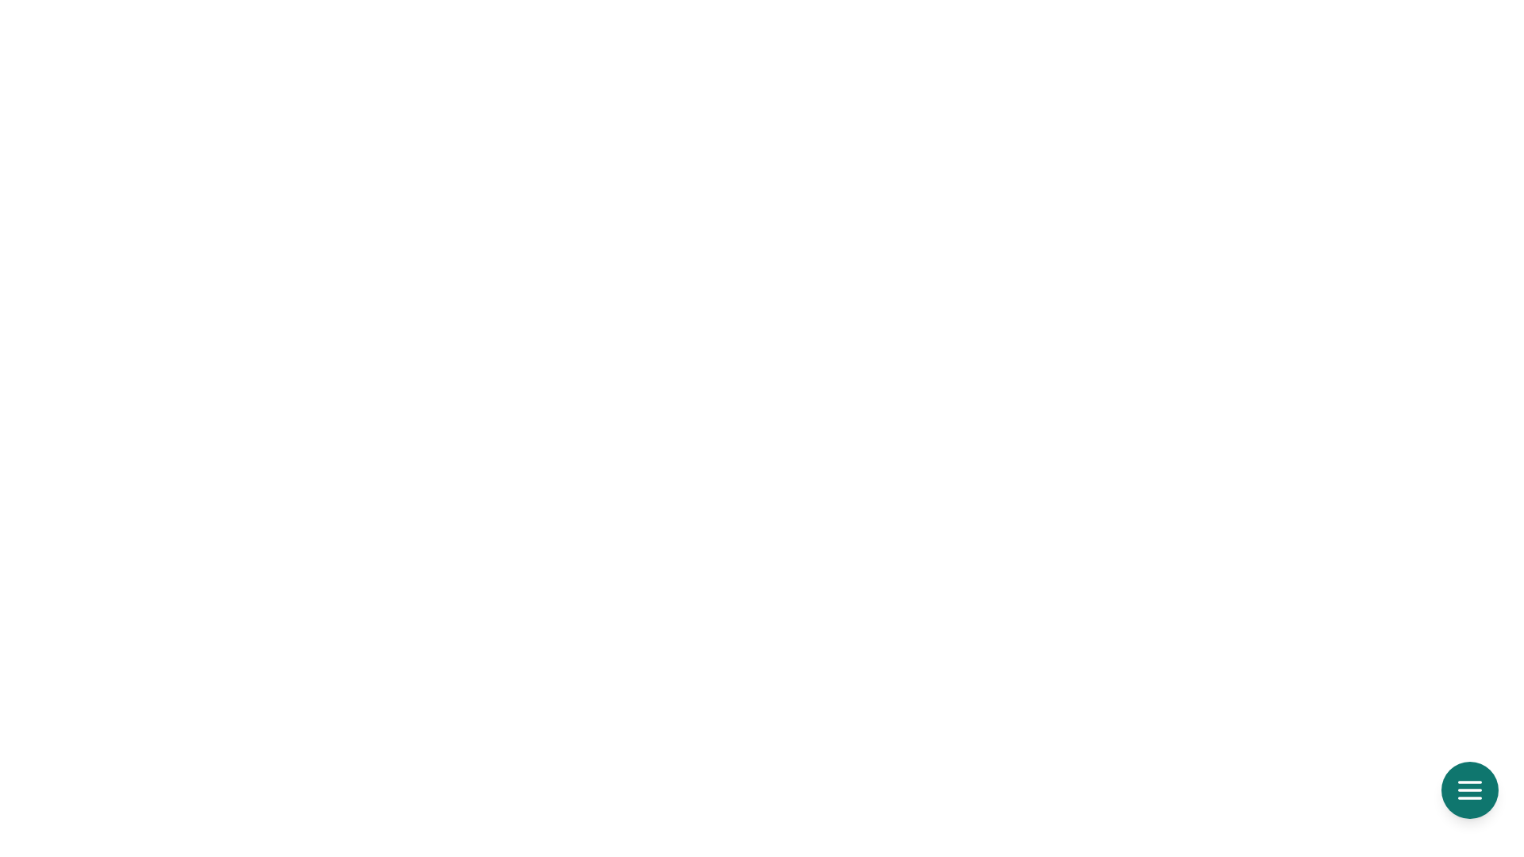 The image size is (1524, 857). I want to click on the menu button to observe the hover effect, so click(1469, 790).